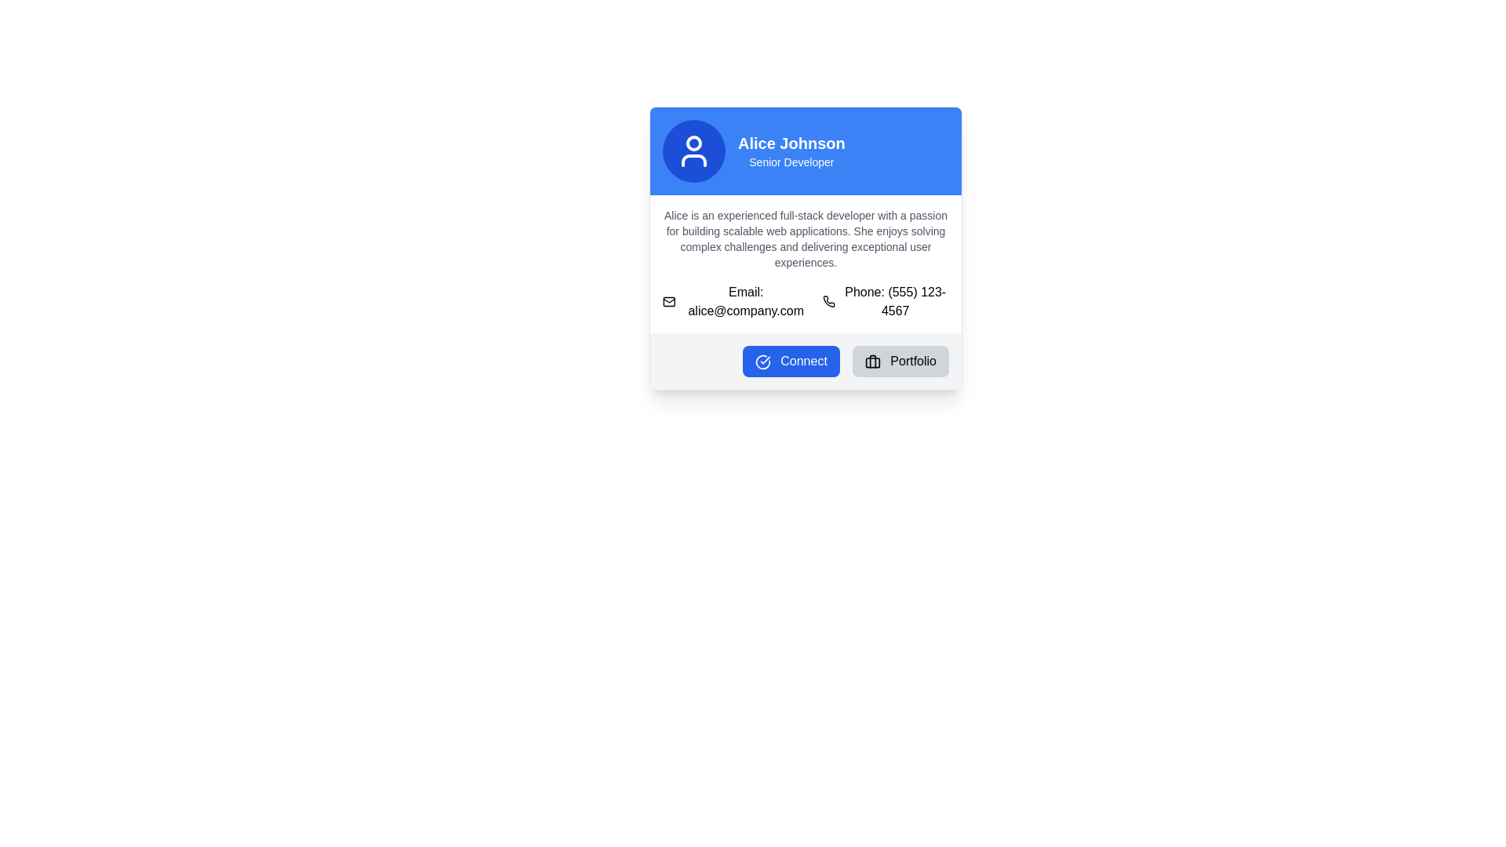 The height and width of the screenshot is (847, 1506). Describe the element at coordinates (900, 362) in the screenshot. I see `the light gray rectangular button labeled 'Portfolio' with a suitcase icon` at that location.